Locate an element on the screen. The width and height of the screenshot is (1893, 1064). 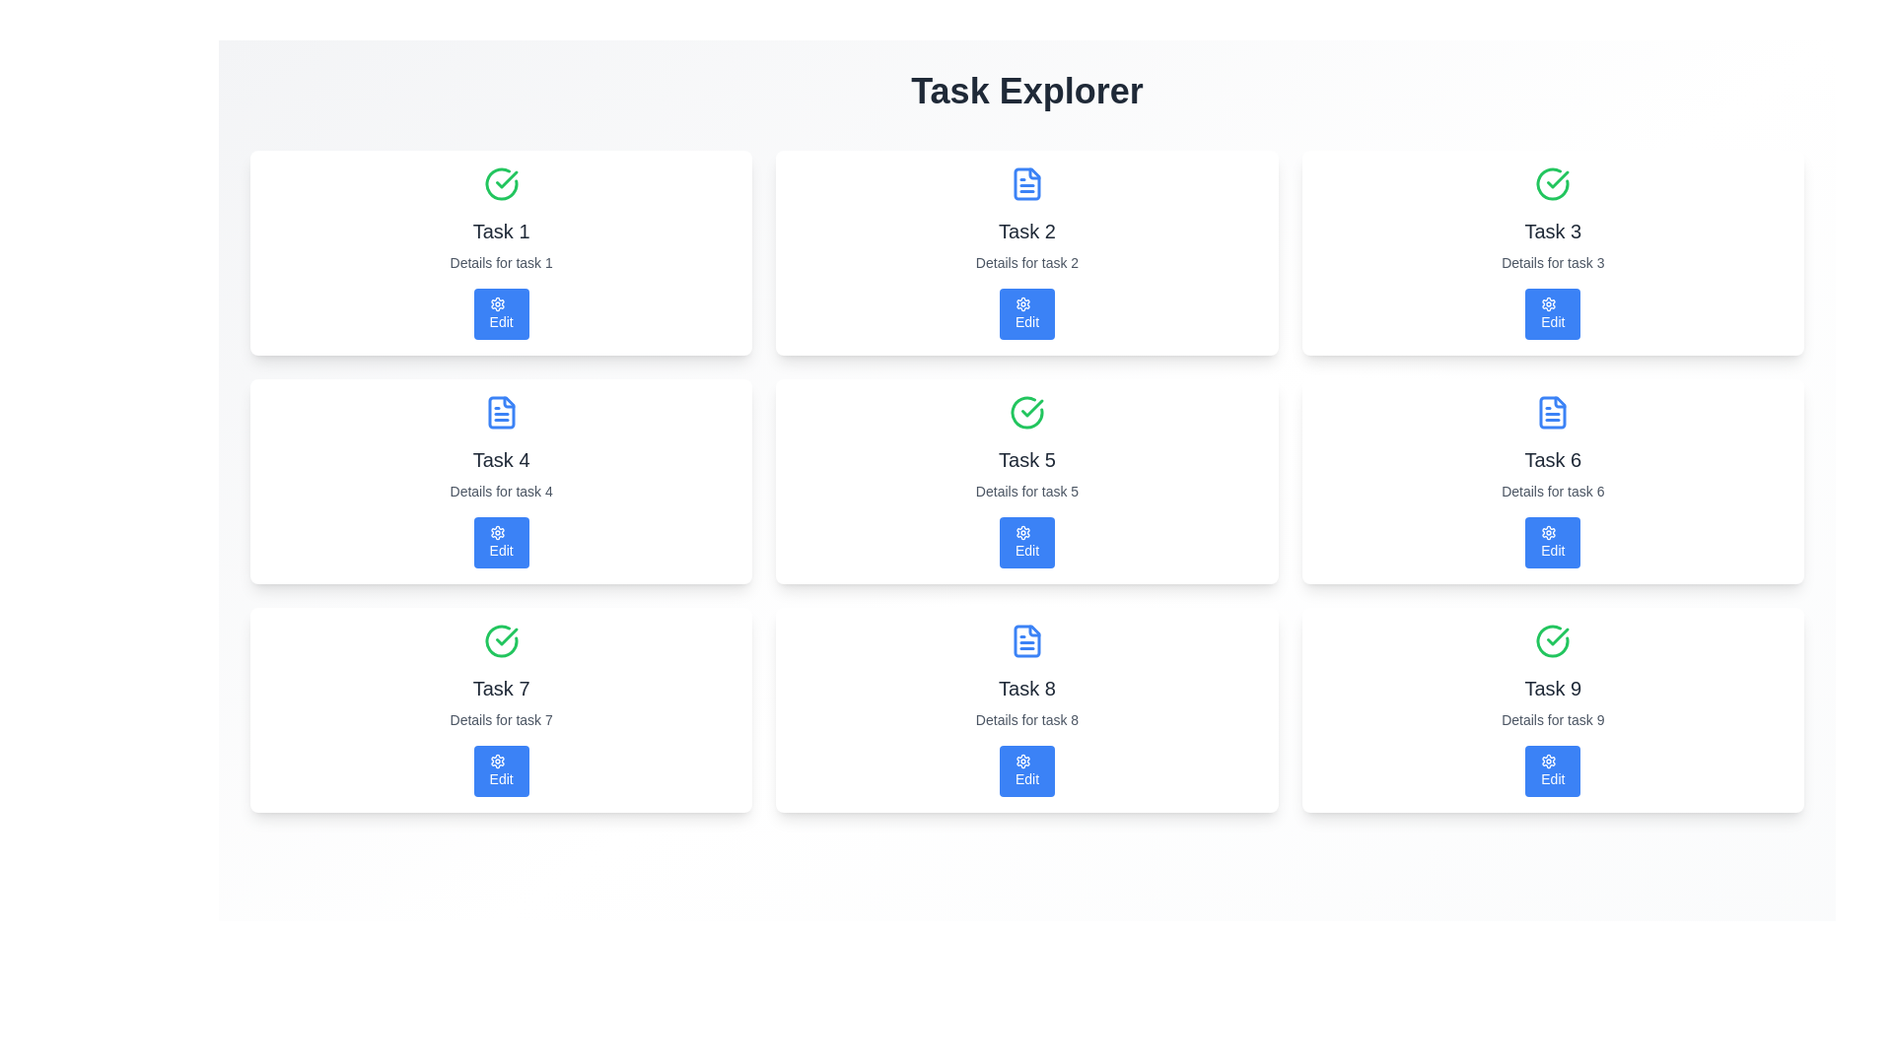
the text label that reads 'Task 1', which is styled with a bold, extra-large font and dark gray color, located in the upper part of the first card in the top-left section of the grid layout is located at coordinates (501, 231).